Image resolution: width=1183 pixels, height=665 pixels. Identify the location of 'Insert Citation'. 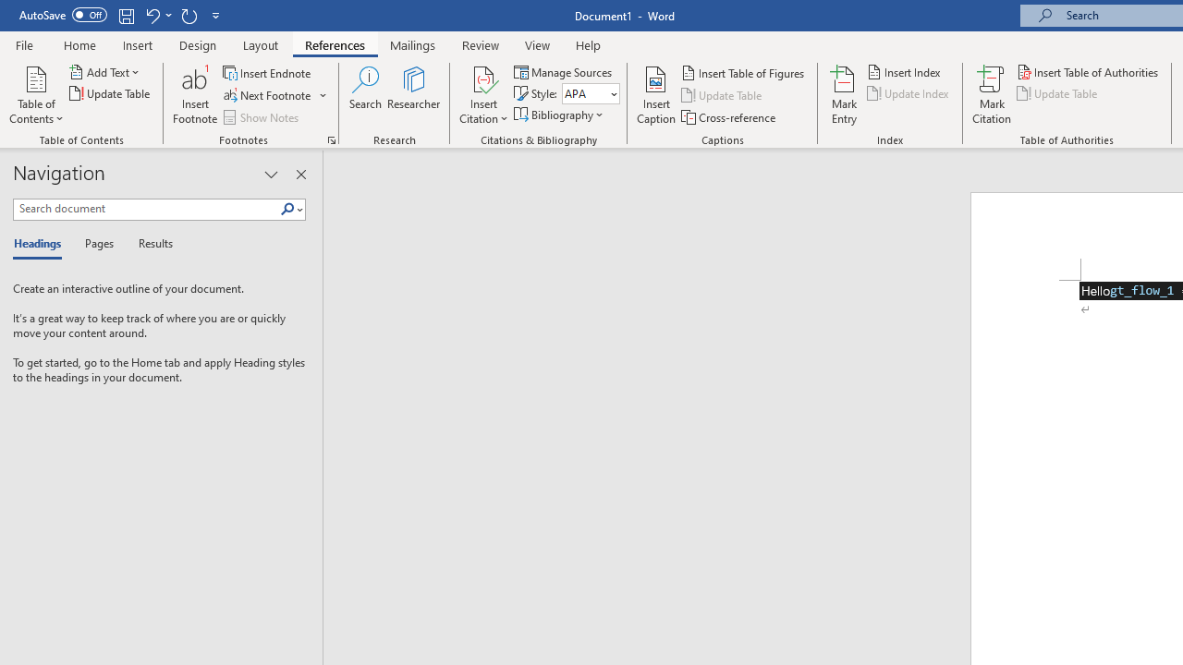
(484, 95).